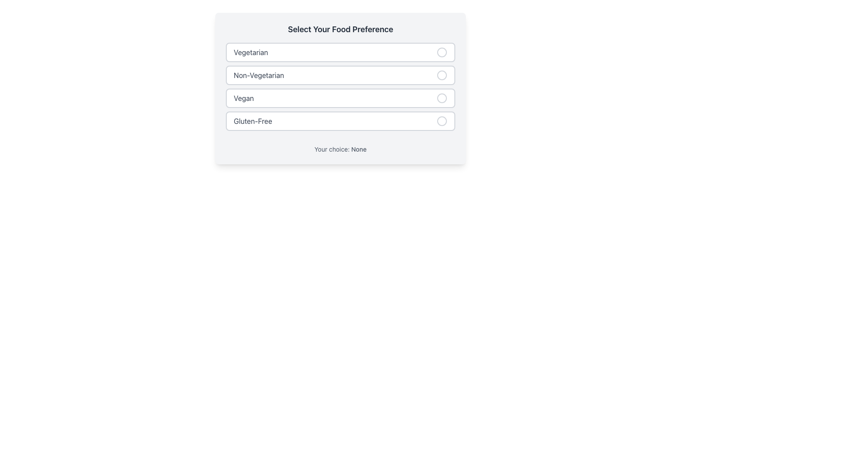 This screenshot has height=476, width=847. What do you see at coordinates (340, 74) in the screenshot?
I see `the 'Non-Vegetarian' radio button option located under the 'Select Your Food Preference' section` at bounding box center [340, 74].